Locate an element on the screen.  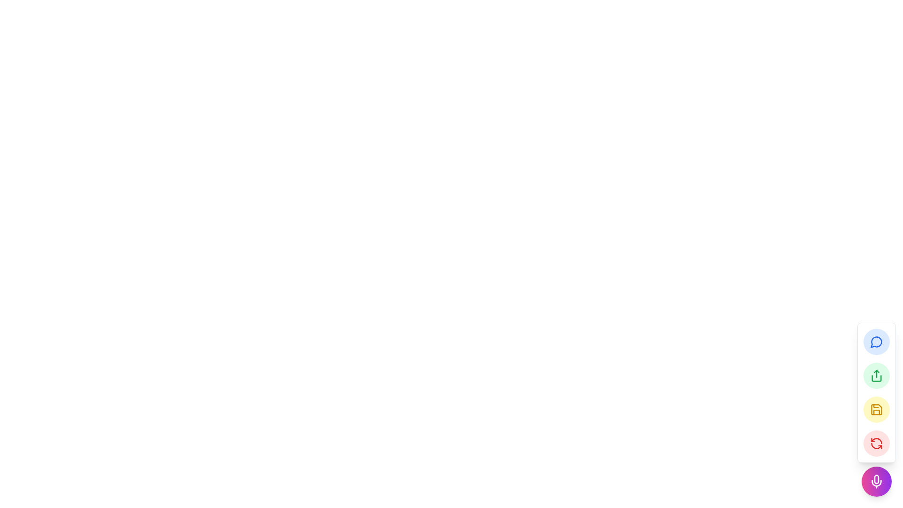
the circular microphone button with a gradient background is located at coordinates (876, 481).